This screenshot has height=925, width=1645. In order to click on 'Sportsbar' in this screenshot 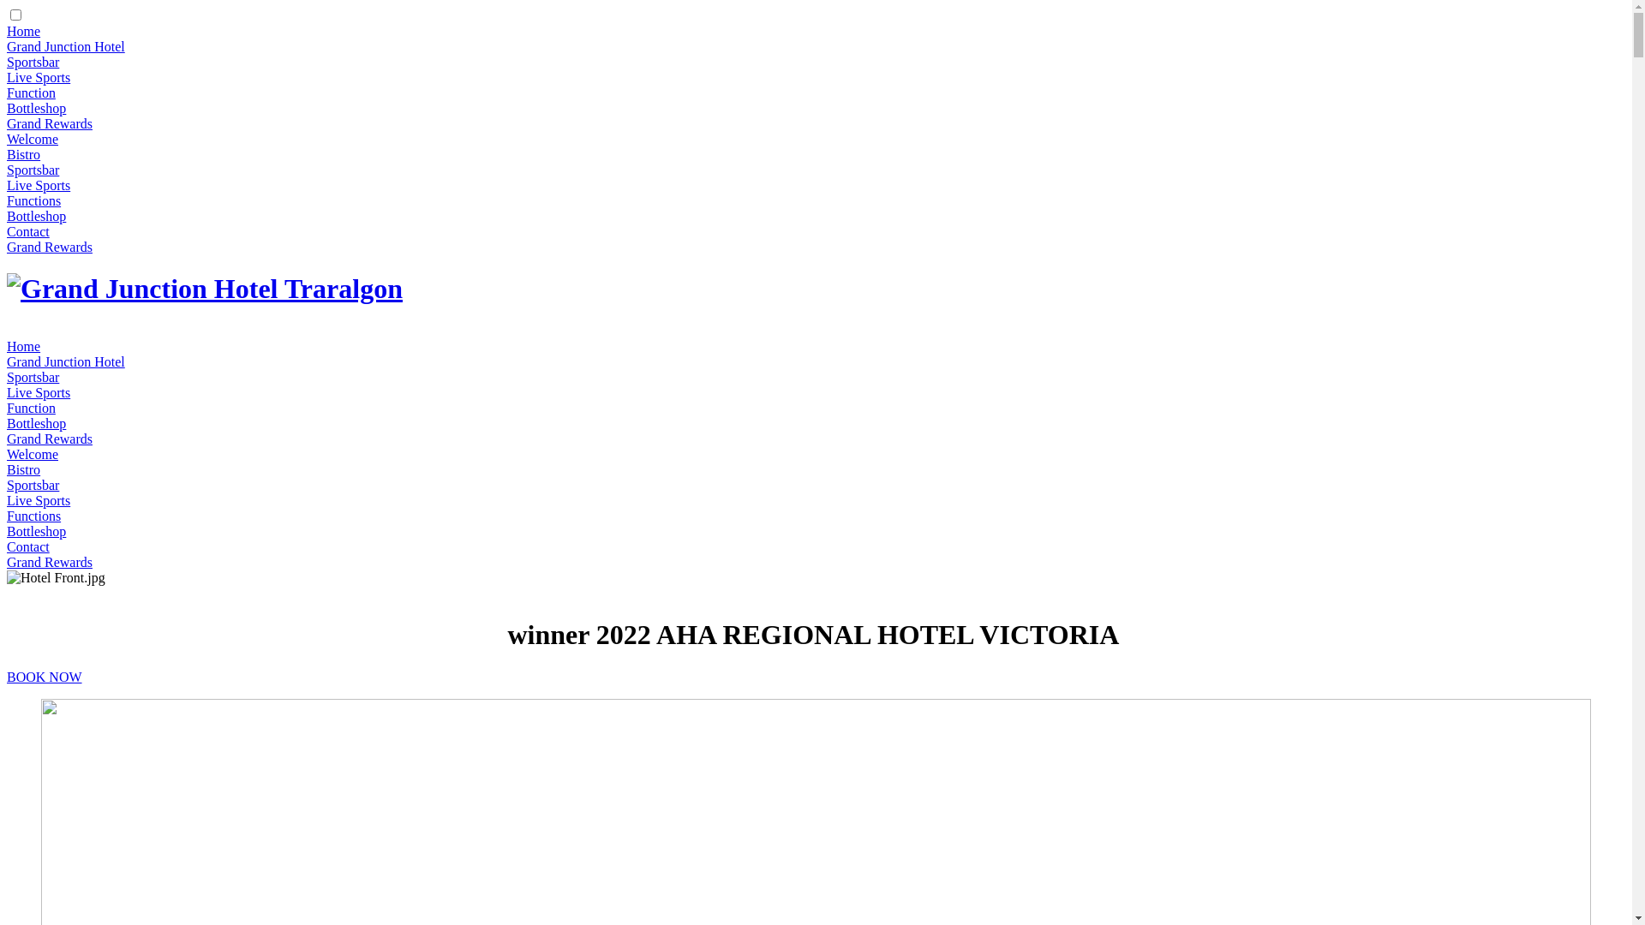, I will do `click(33, 170)`.